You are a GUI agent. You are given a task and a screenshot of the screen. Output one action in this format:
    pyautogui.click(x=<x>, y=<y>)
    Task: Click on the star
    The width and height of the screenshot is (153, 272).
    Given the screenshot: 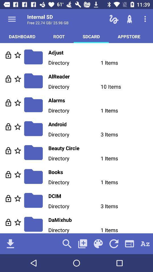 What is the action you would take?
    pyautogui.click(x=18, y=150)
    